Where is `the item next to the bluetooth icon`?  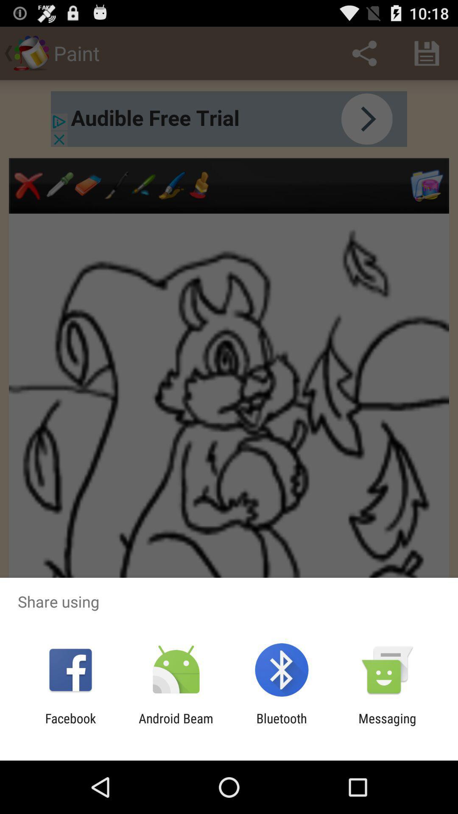
the item next to the bluetooth icon is located at coordinates (387, 725).